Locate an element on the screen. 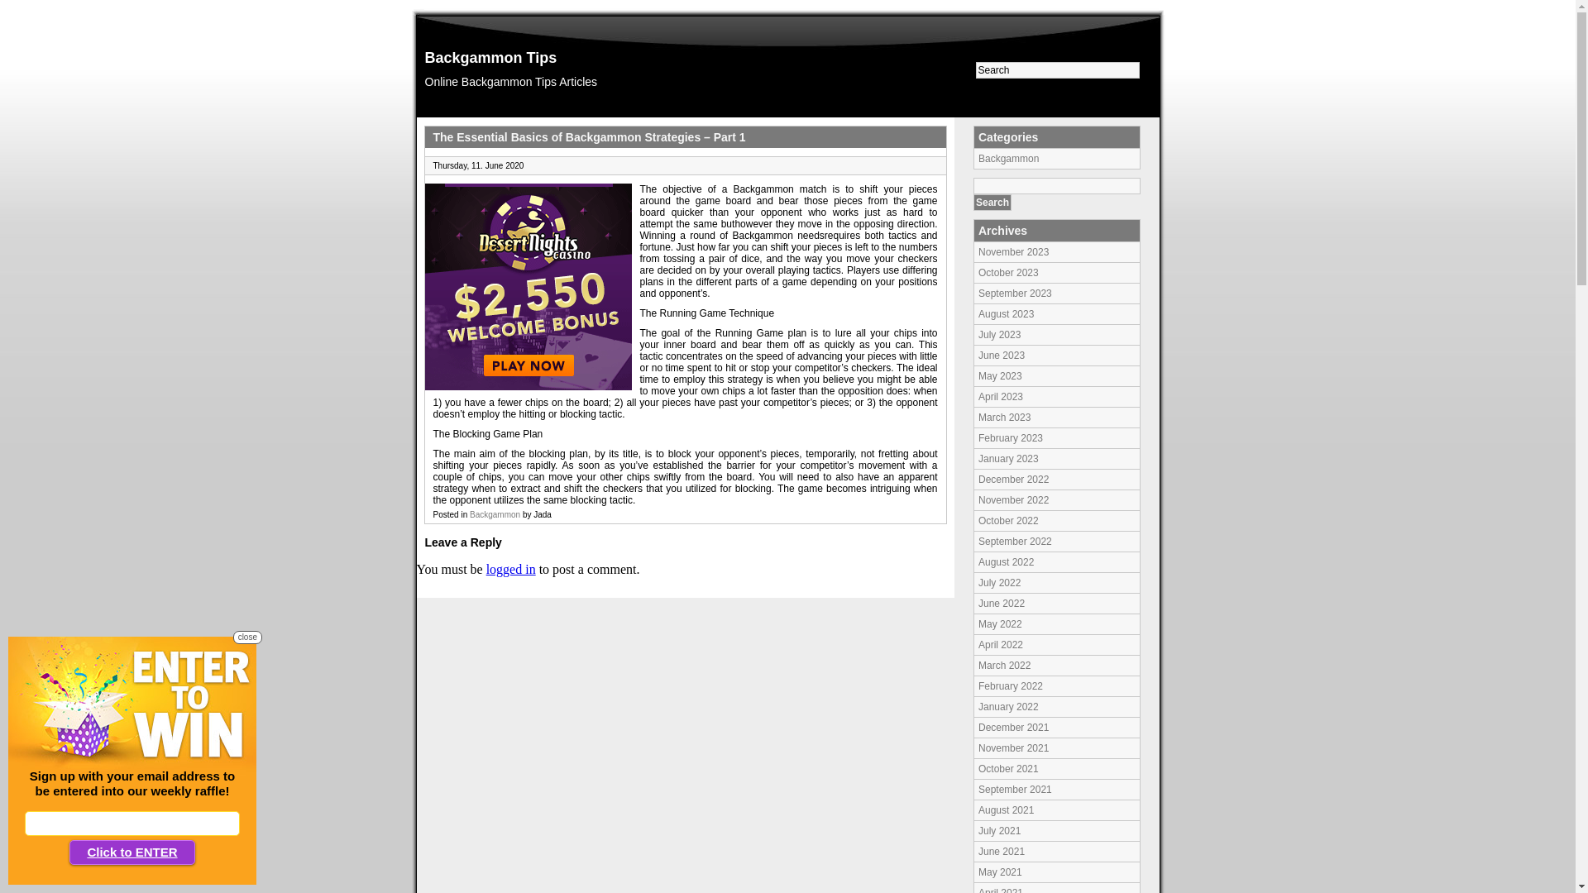 The height and width of the screenshot is (893, 1588). 'September 2022' is located at coordinates (1014, 542).